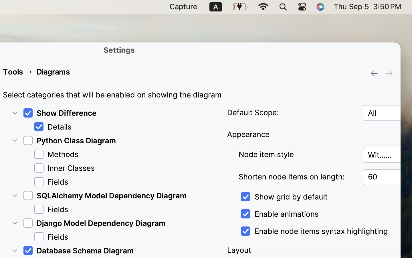 Image resolution: width=412 pixels, height=258 pixels. I want to click on 'Settings', so click(119, 50).